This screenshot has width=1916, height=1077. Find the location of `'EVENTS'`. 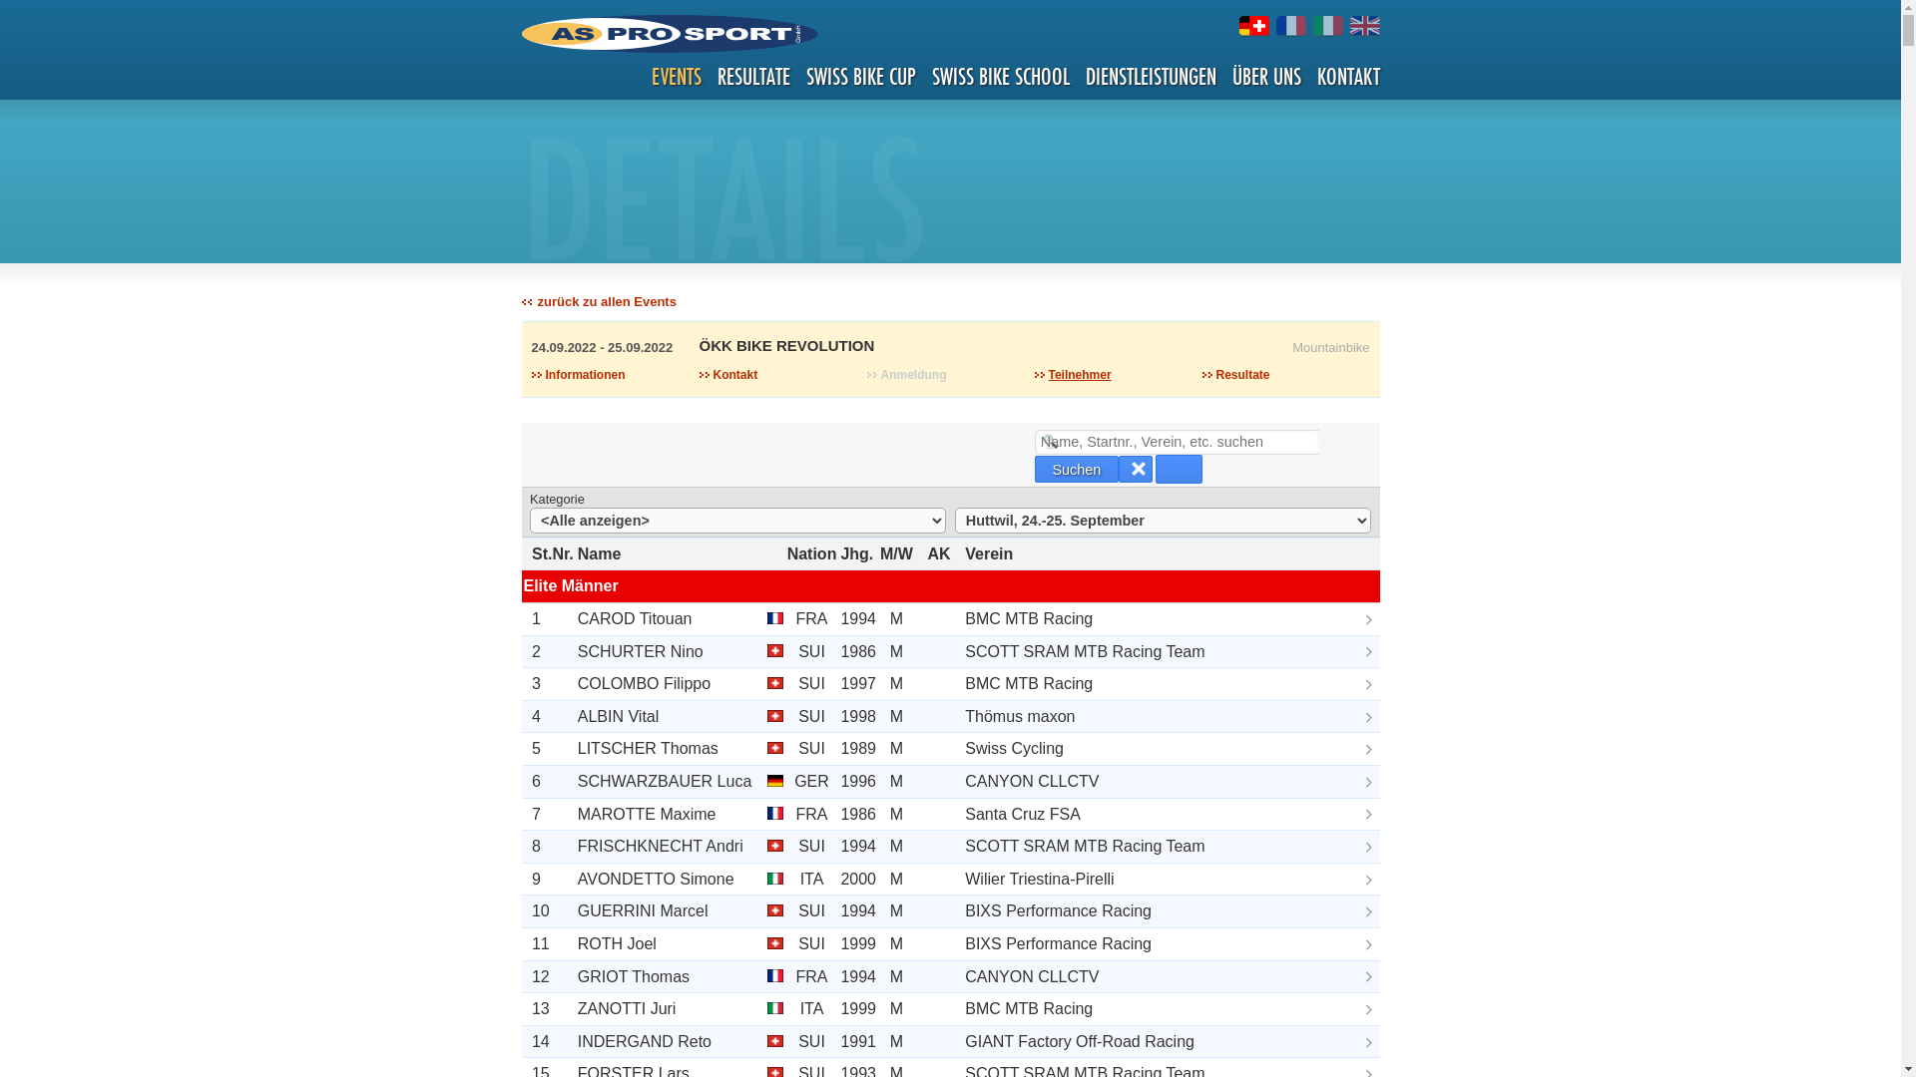

'EVENTS' is located at coordinates (675, 75).